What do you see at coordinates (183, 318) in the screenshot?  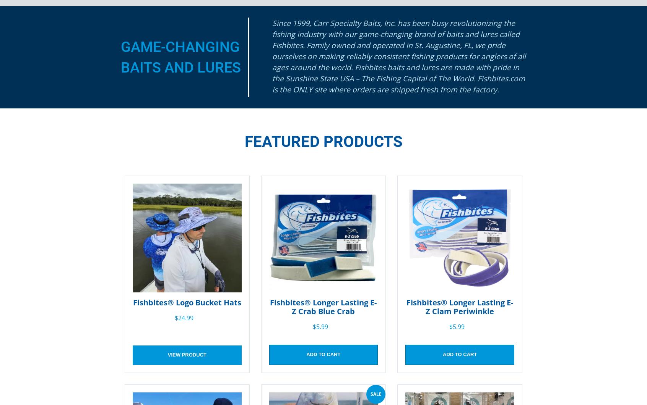 I see `'$24.99'` at bounding box center [183, 318].